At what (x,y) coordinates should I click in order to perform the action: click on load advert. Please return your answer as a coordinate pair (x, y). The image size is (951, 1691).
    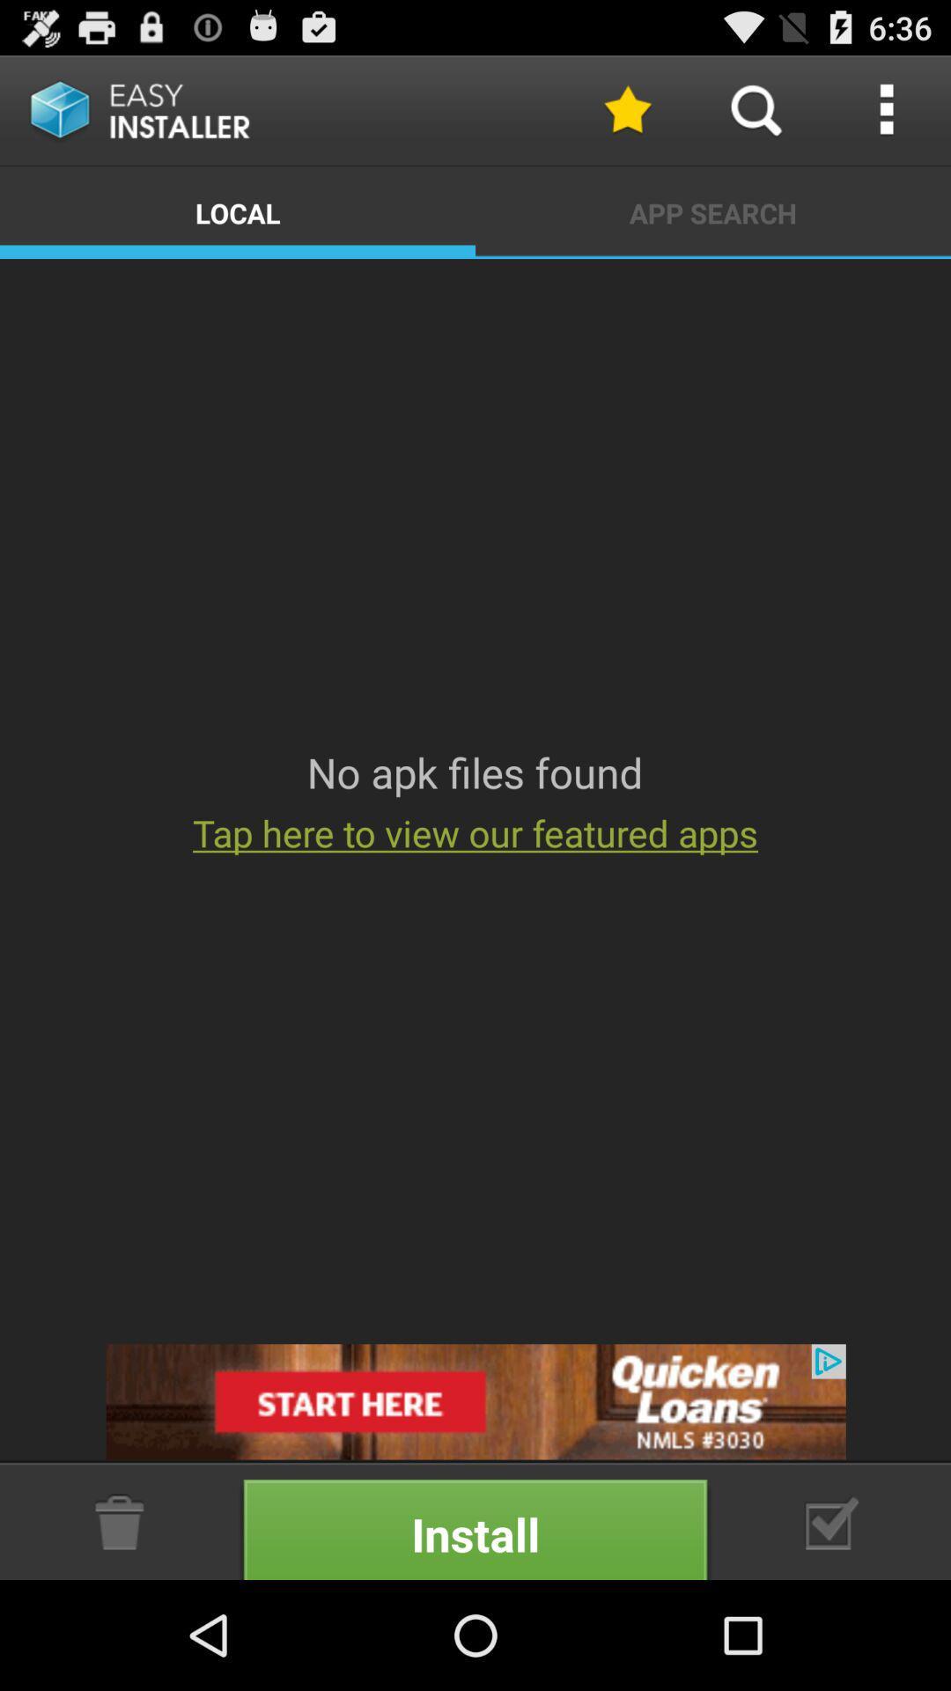
    Looking at the image, I should click on (475, 1400).